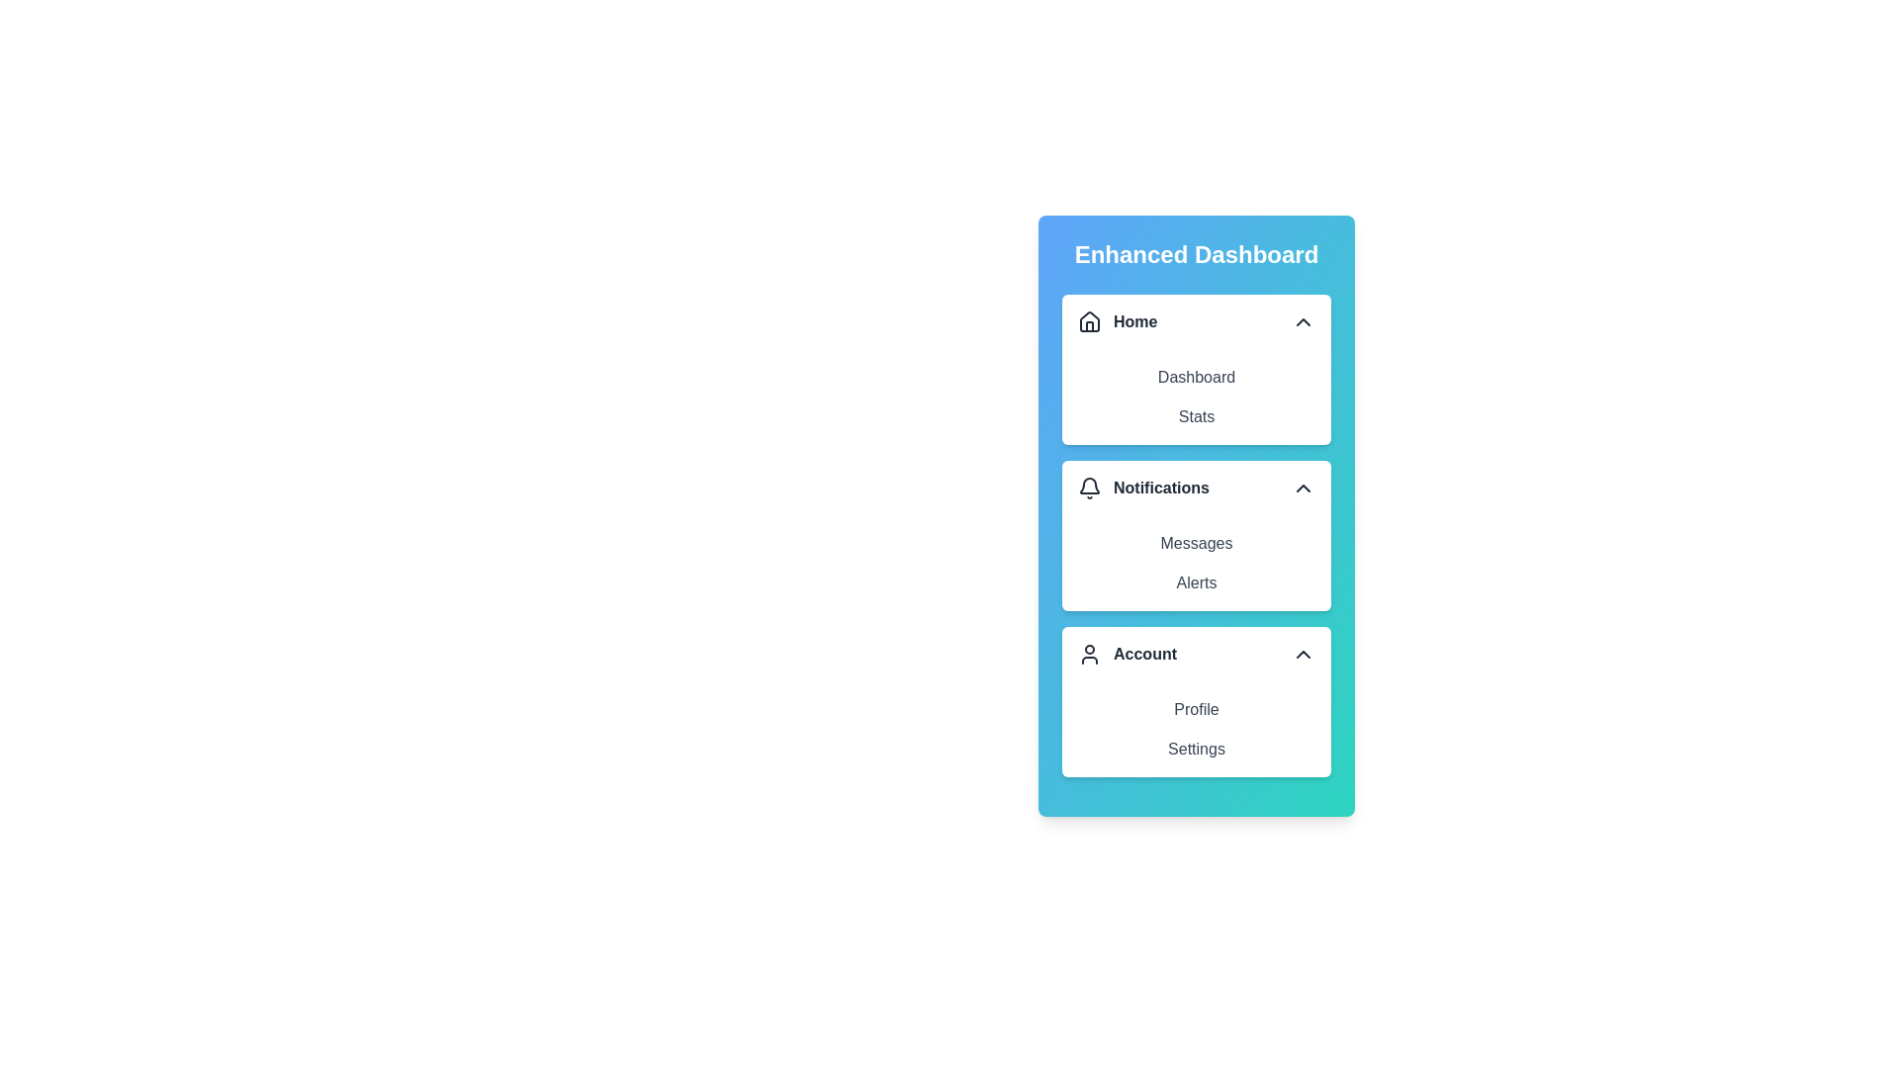 The height and width of the screenshot is (1068, 1899). I want to click on the header of the menu section labeled Notifications to toggle its expanded/collapsed state, so click(1195, 488).